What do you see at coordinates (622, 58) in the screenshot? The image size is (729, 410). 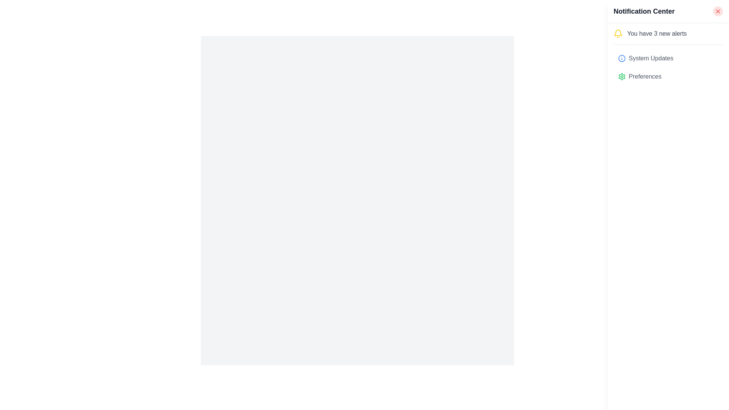 I see `the circular blue icon with an information symbol, located to the left of the 'System Updates' text in the menu panel of the notification center` at bounding box center [622, 58].